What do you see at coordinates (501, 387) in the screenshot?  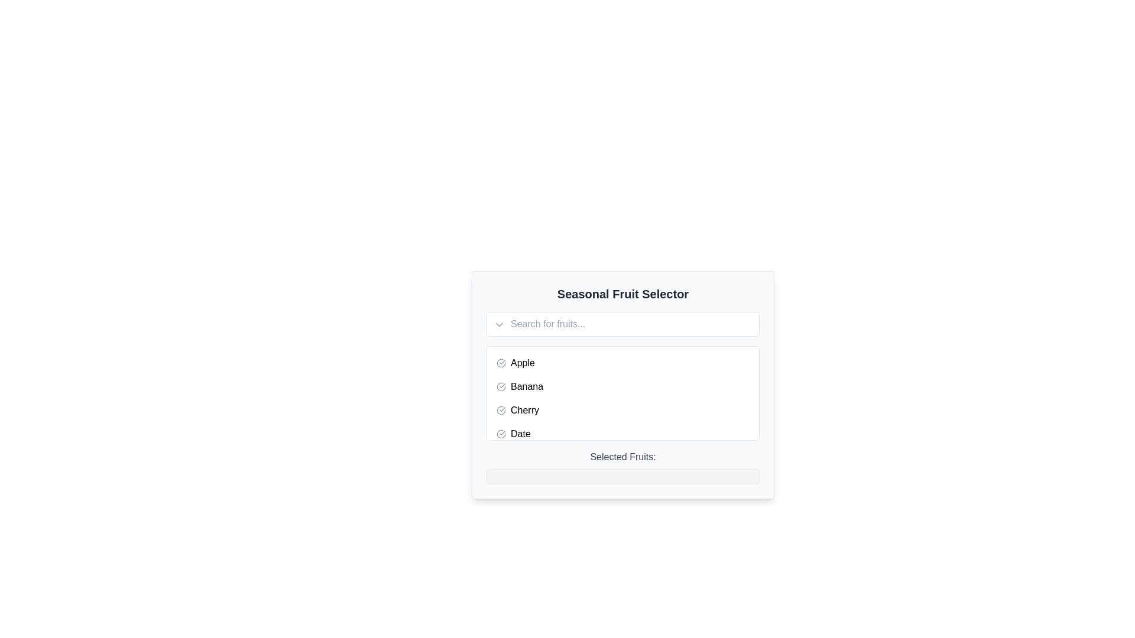 I see `the circular checkbox-like indicator associated with the item 'Banana'` at bounding box center [501, 387].